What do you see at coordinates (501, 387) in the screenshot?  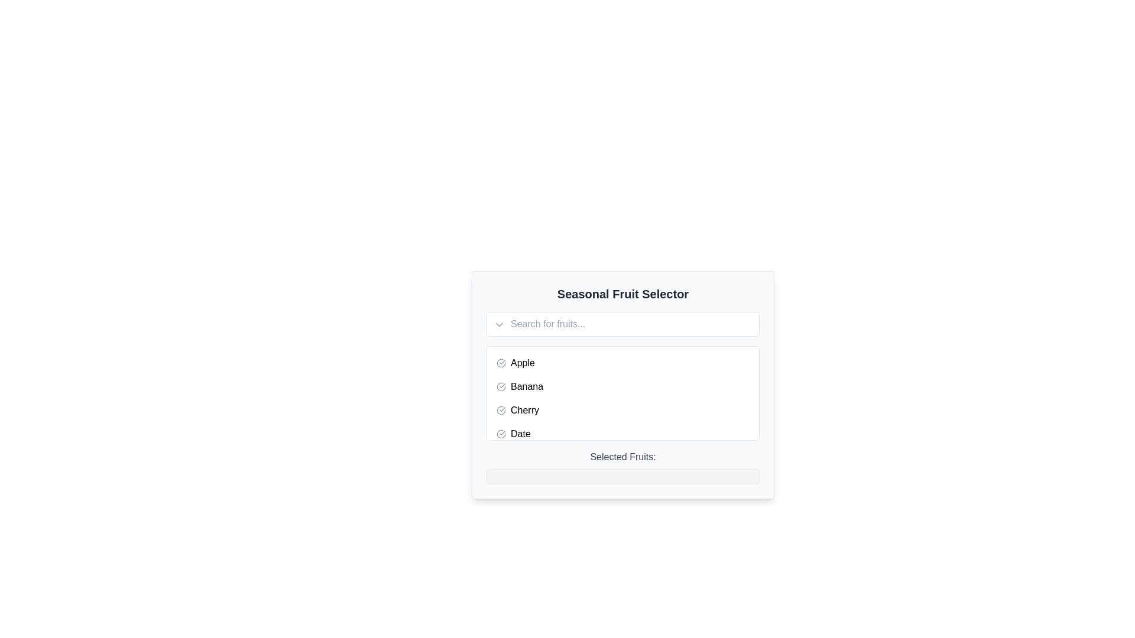 I see `the circular checkbox-like indicator associated with the item 'Banana'` at bounding box center [501, 387].